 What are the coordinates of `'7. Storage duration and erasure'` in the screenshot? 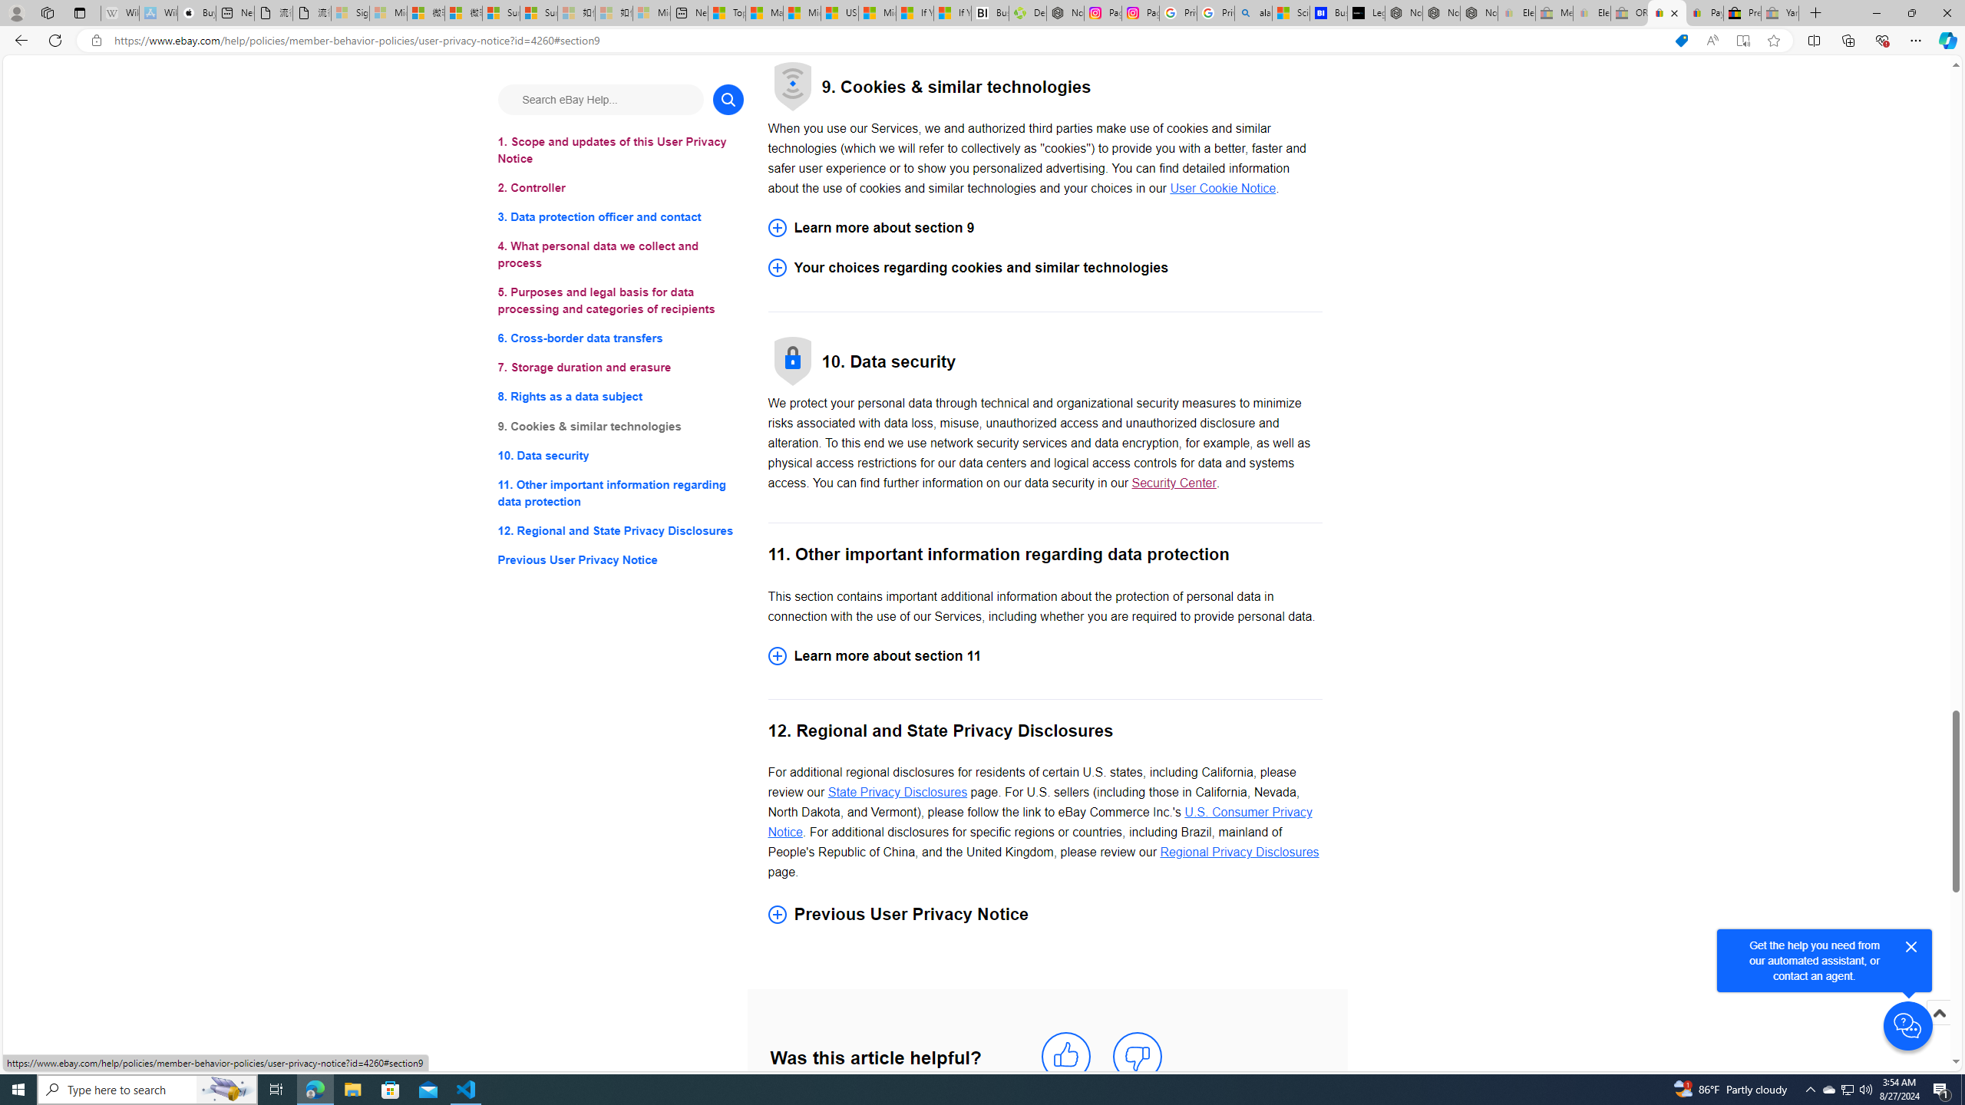 It's located at (619, 367).